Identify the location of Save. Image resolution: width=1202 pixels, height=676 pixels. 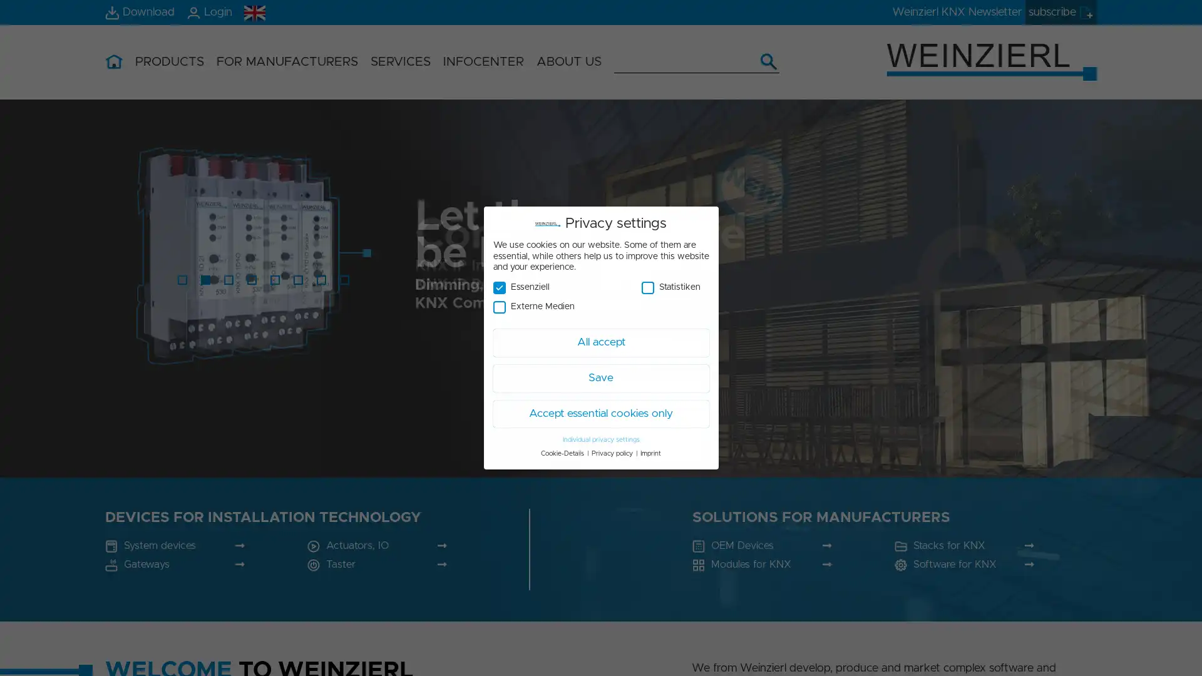
(600, 377).